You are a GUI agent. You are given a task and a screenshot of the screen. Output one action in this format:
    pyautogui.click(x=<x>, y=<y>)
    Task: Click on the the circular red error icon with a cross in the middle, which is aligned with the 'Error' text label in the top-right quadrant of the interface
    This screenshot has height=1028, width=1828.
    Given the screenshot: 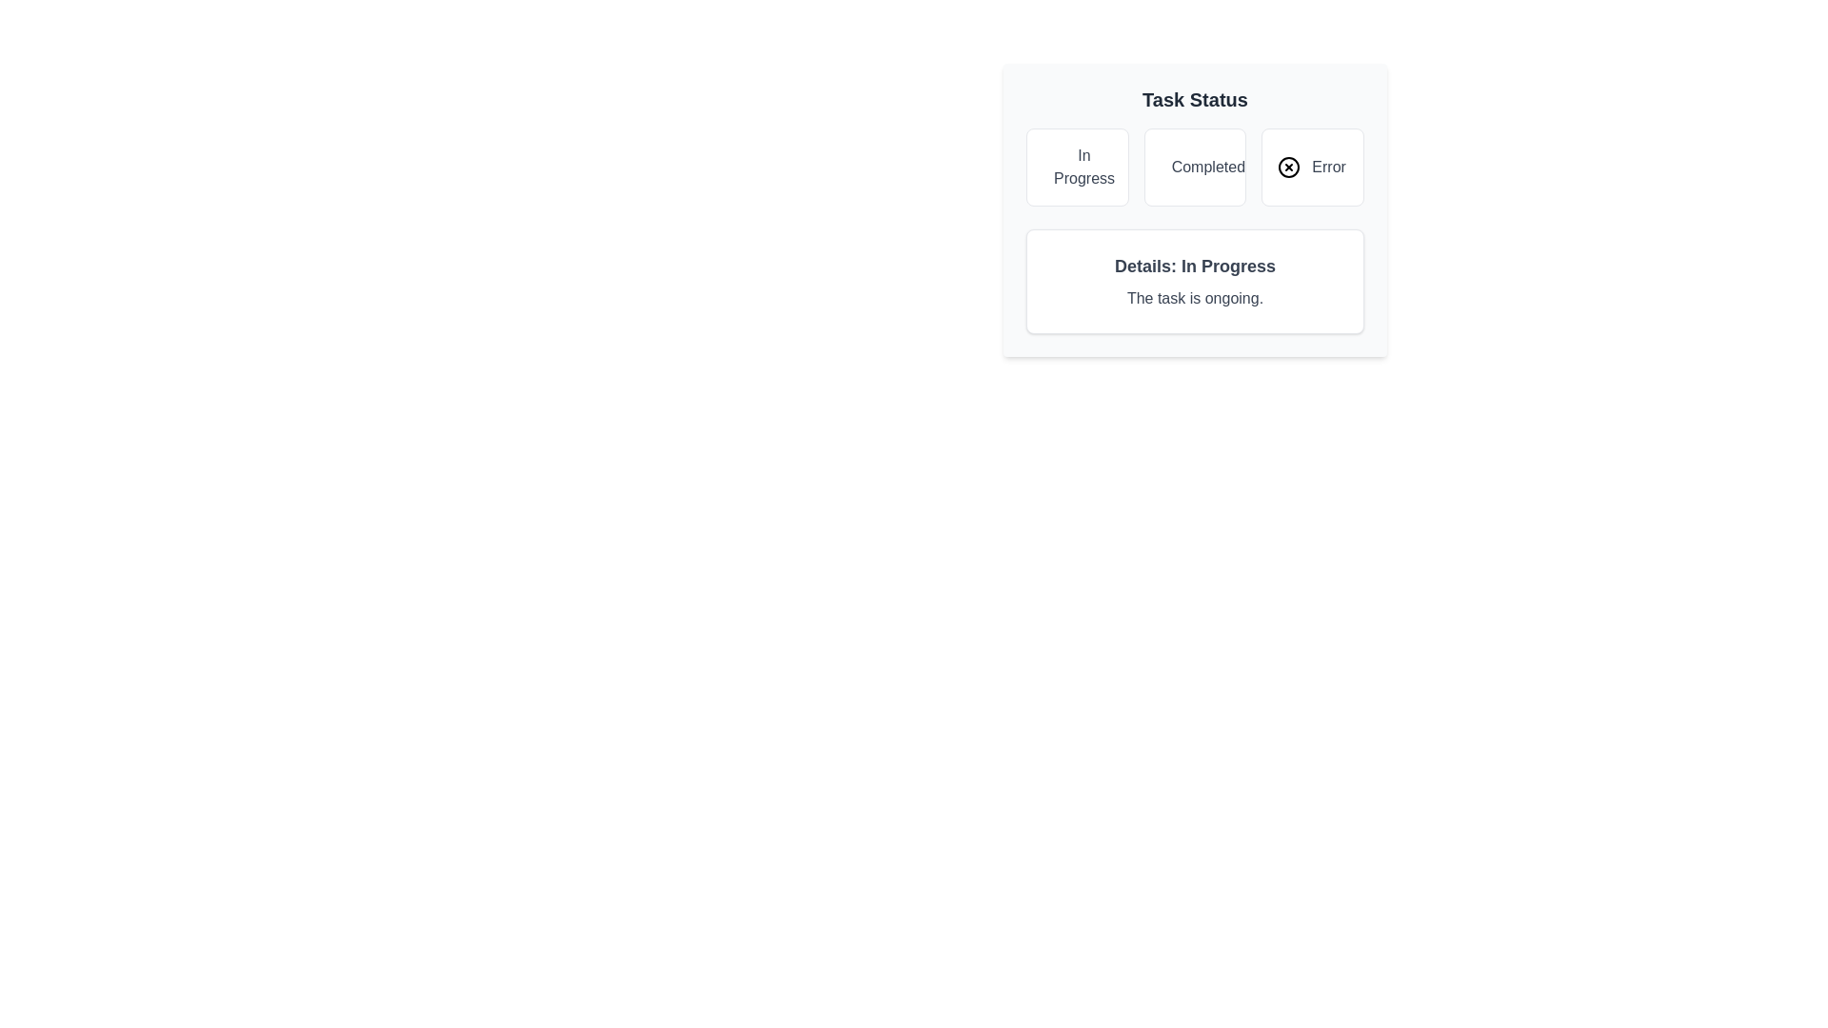 What is the action you would take?
    pyautogui.click(x=1289, y=167)
    